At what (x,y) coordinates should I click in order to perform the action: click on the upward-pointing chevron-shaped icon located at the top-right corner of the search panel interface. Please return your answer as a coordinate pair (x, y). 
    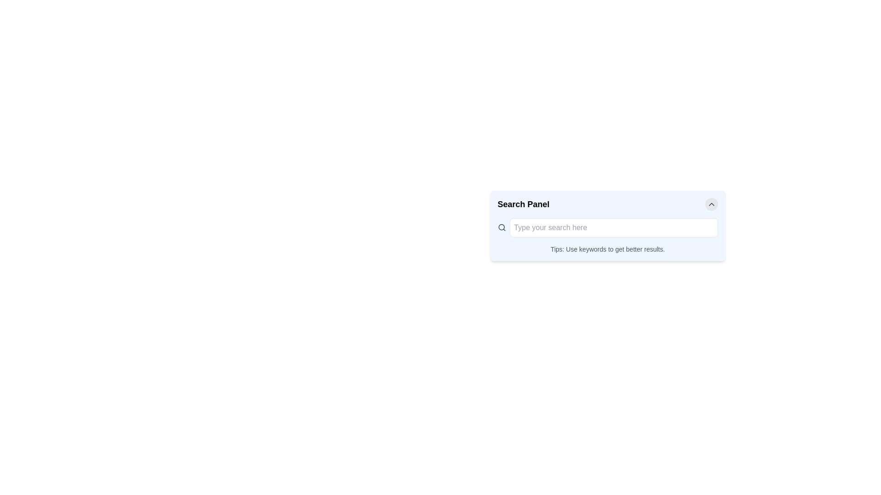
    Looking at the image, I should click on (711, 204).